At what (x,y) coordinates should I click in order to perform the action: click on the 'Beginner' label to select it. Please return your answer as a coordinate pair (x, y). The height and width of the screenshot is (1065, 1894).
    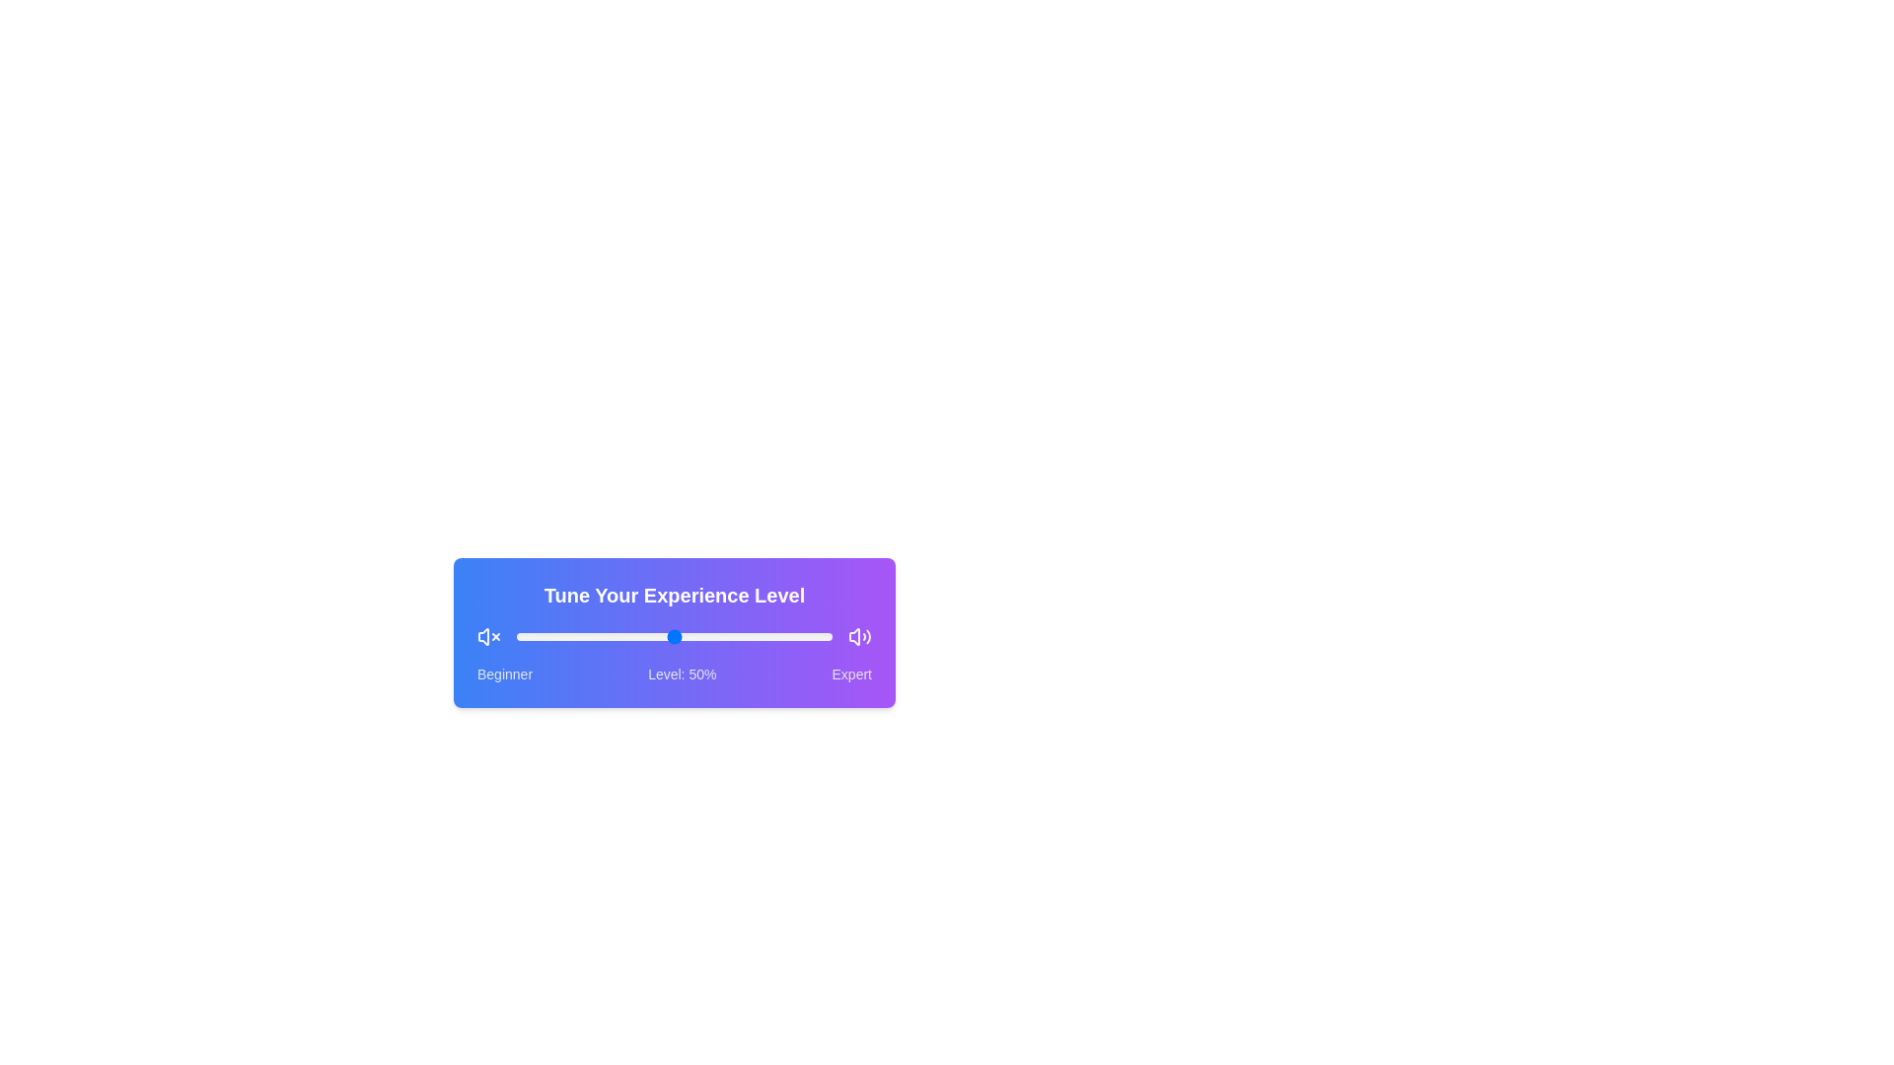
    Looking at the image, I should click on (505, 673).